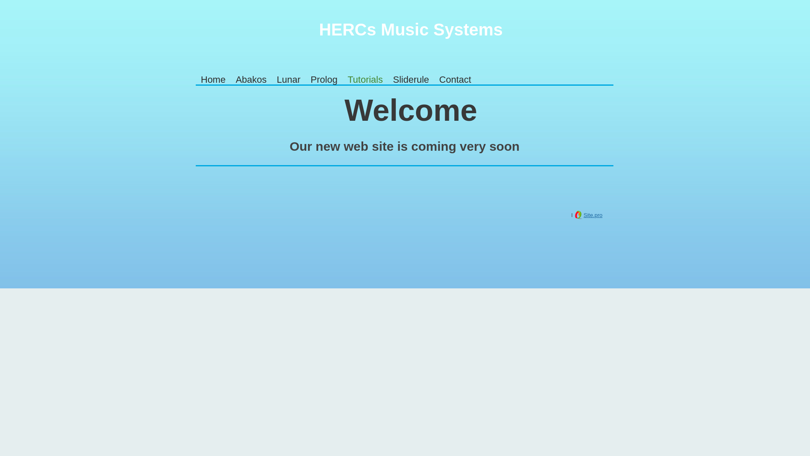 The image size is (810, 456). What do you see at coordinates (324, 80) in the screenshot?
I see `'Prolog'` at bounding box center [324, 80].